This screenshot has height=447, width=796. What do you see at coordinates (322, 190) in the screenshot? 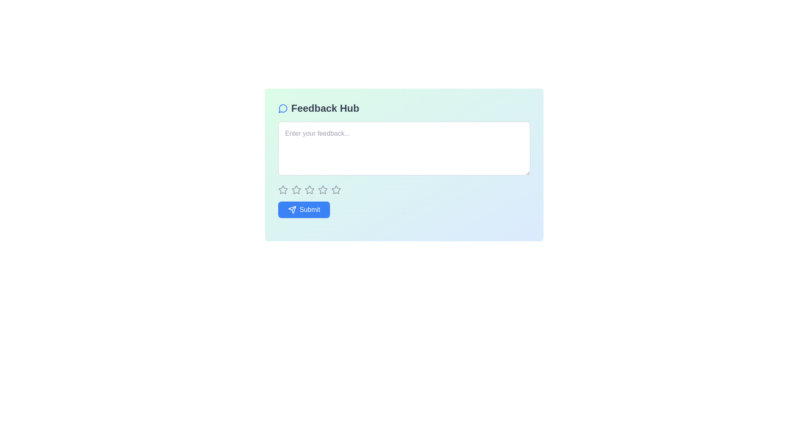
I see `the fourth star-shaped rating icon with gray borders and a hollow center in a row of five stars` at bounding box center [322, 190].